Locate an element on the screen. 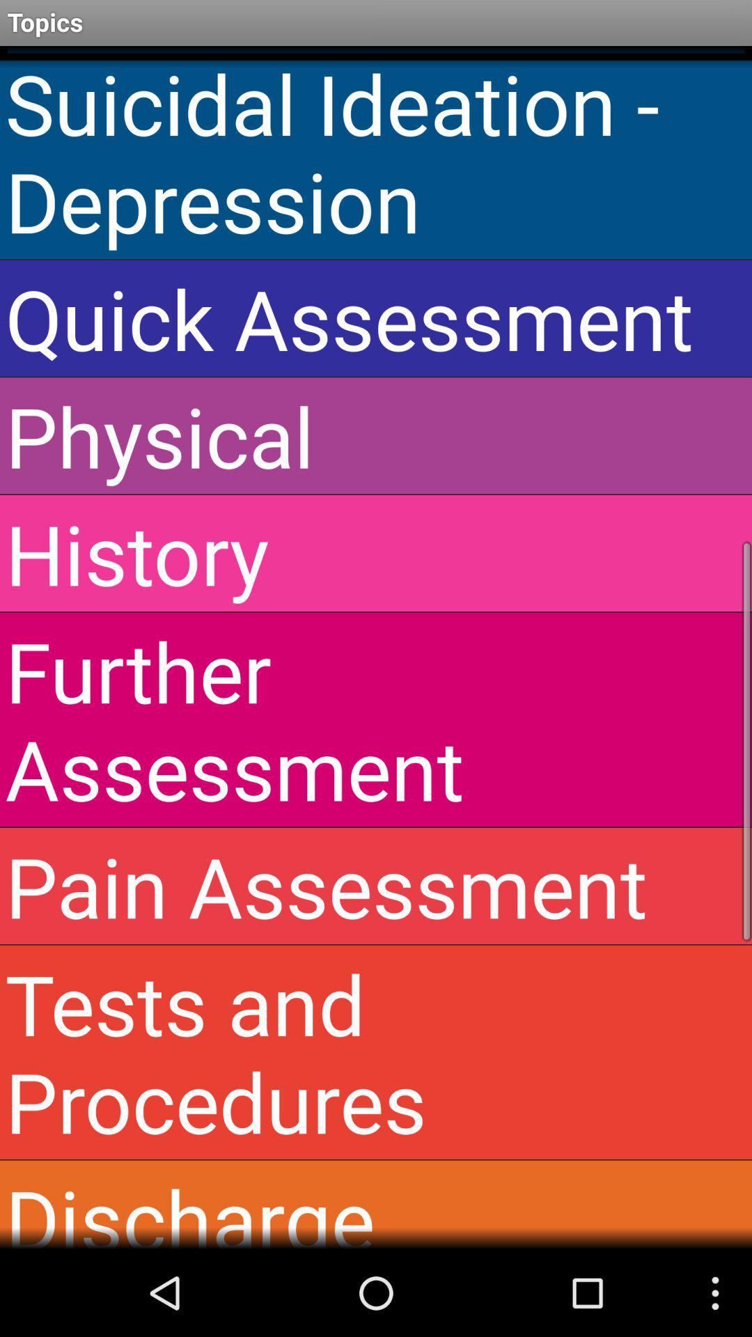 The image size is (752, 1337). icon above discharge instruction app is located at coordinates (376, 1052).